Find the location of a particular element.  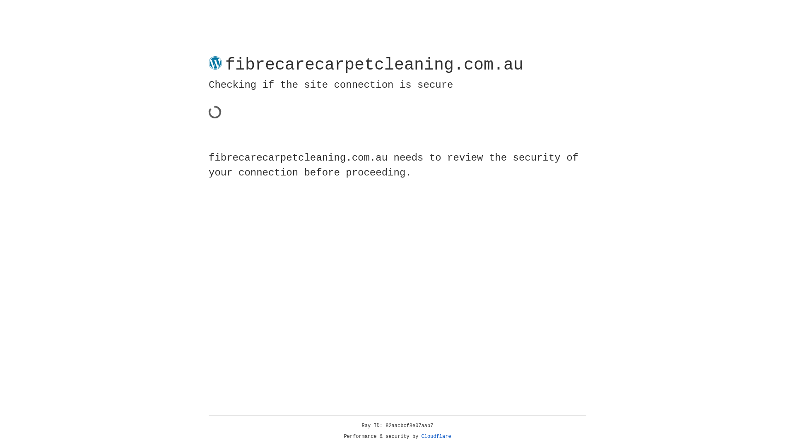

'Cloudflare' is located at coordinates (436, 436).